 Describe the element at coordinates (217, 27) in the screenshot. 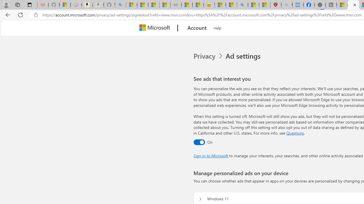

I see `'Help'` at that location.